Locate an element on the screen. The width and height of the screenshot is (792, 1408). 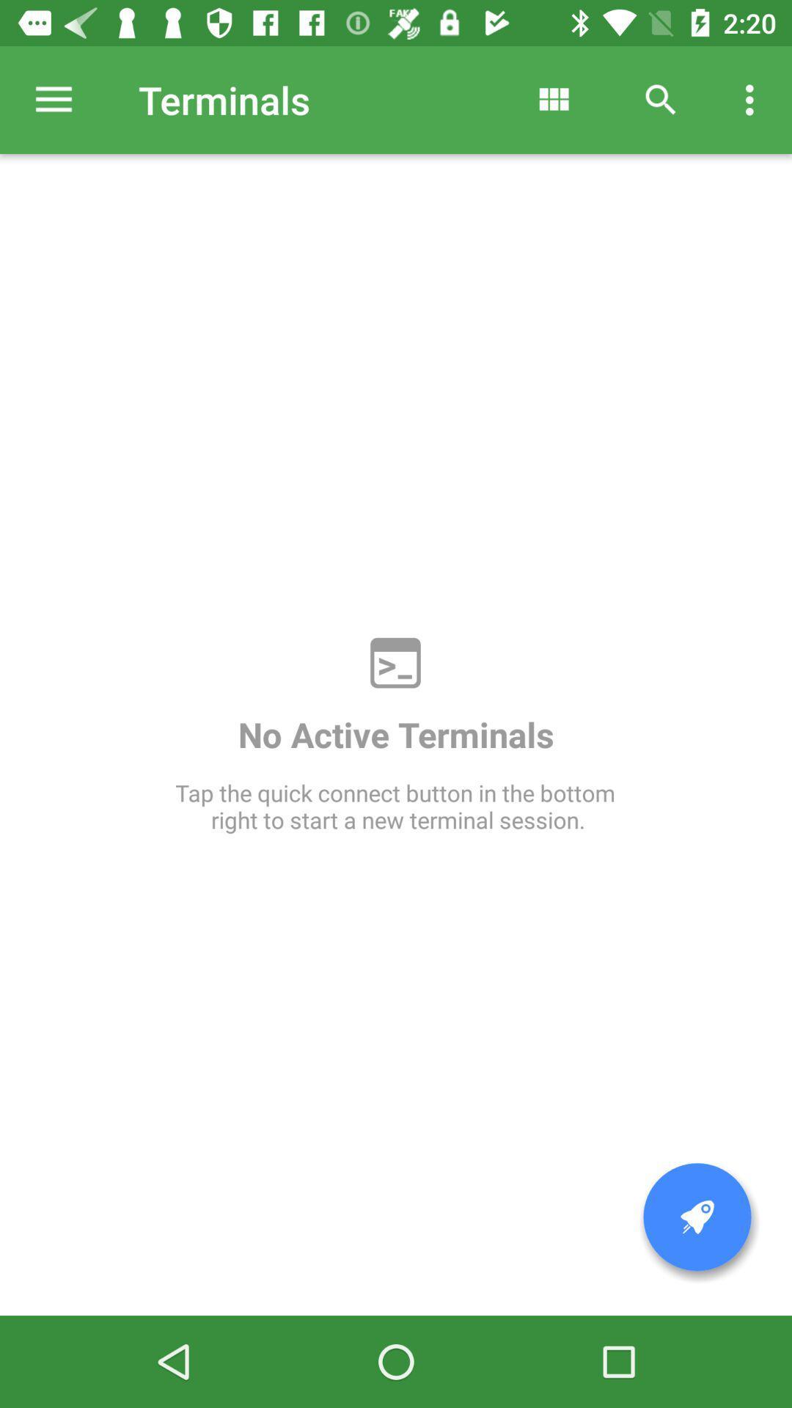
pin the page to front is located at coordinates (697, 1217).